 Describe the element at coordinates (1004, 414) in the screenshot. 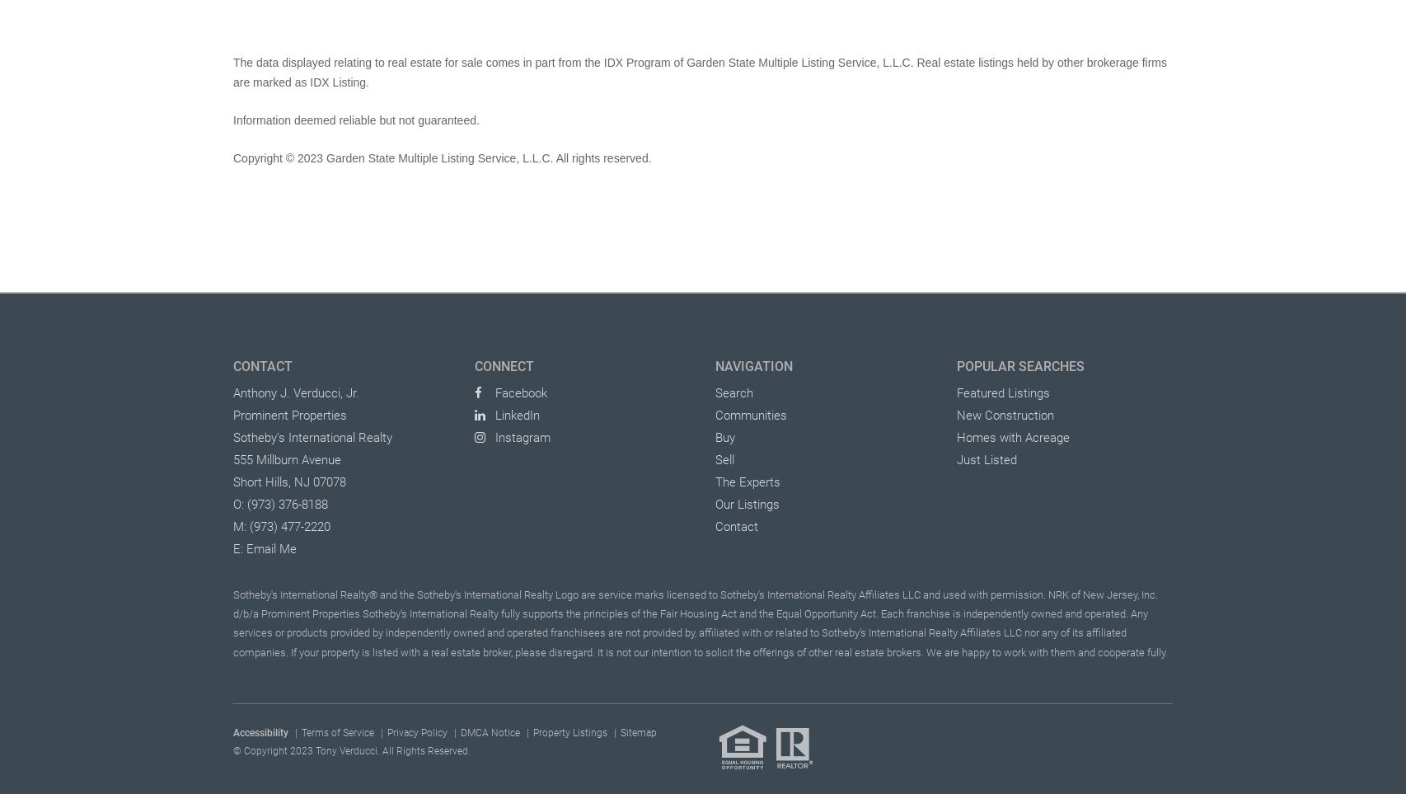

I see `'New Construction'` at that location.